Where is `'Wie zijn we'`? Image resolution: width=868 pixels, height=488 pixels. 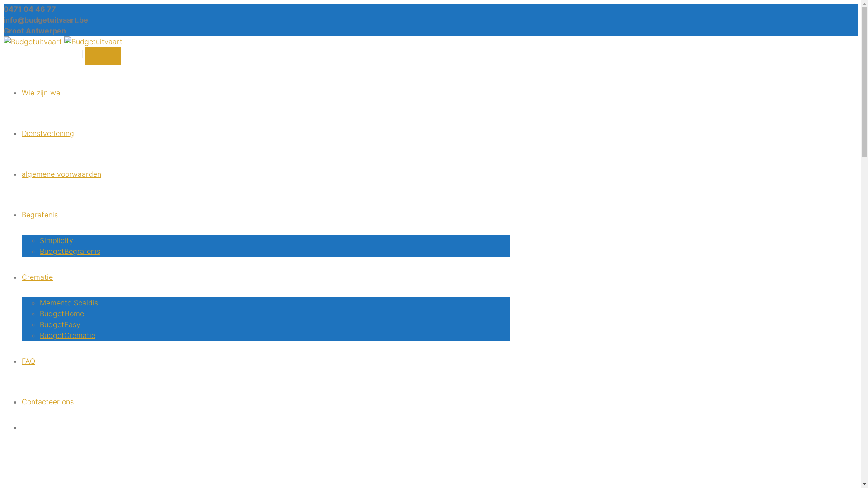
'Wie zijn we' is located at coordinates (40, 92).